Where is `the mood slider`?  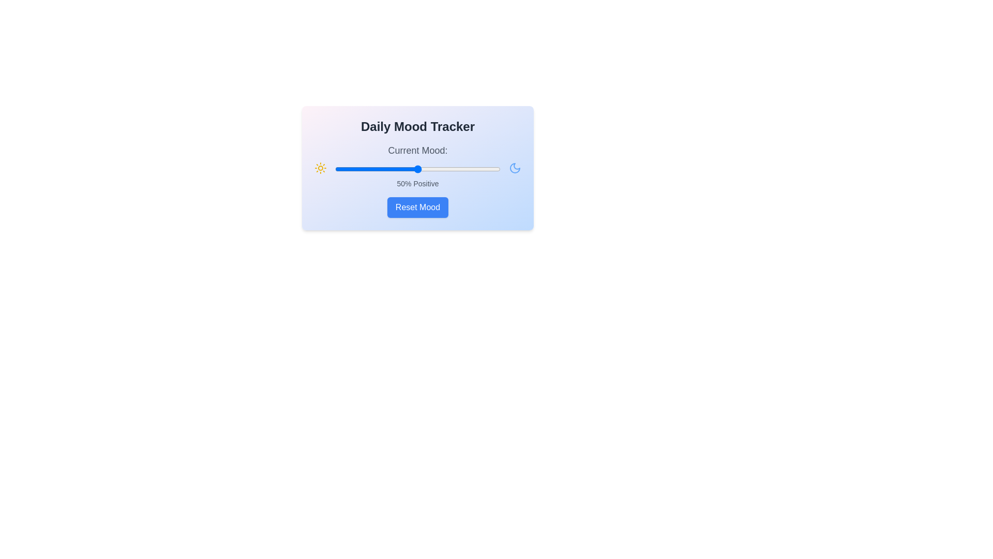 the mood slider is located at coordinates (431, 169).